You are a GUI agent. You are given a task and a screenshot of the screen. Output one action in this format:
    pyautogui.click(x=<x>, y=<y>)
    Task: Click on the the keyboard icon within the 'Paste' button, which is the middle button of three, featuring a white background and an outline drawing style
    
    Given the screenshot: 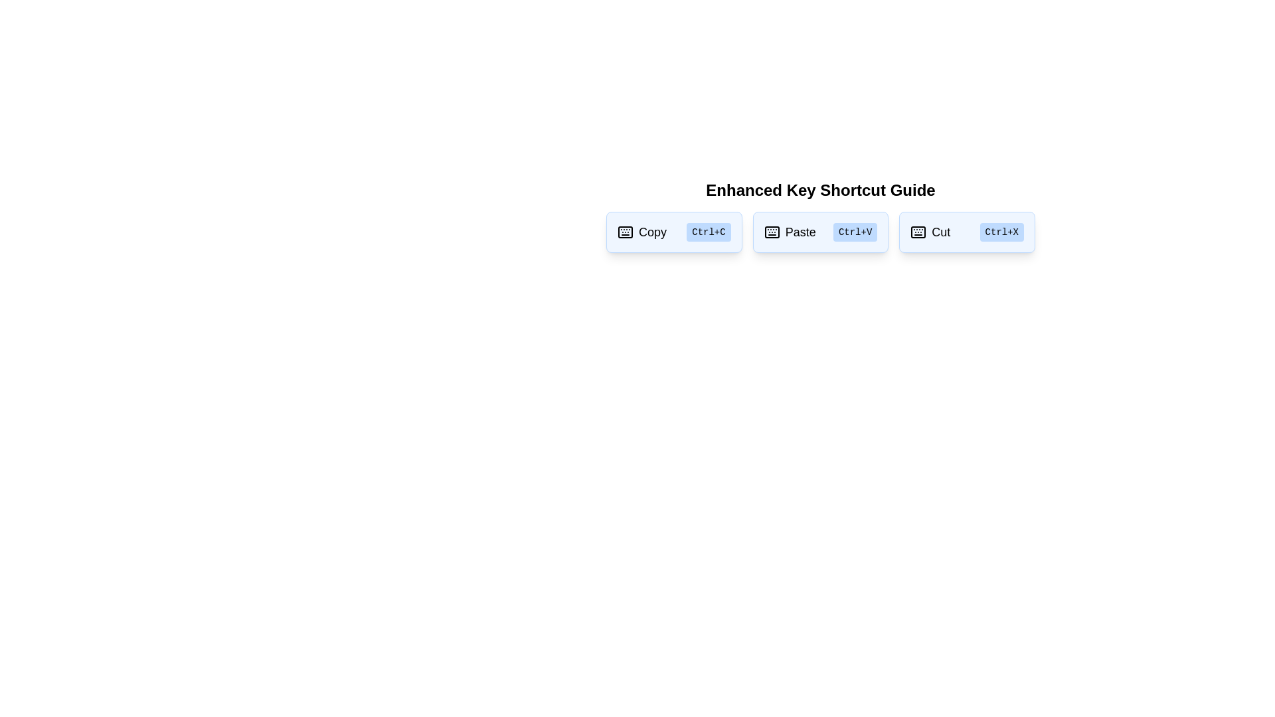 What is the action you would take?
    pyautogui.click(x=772, y=232)
    